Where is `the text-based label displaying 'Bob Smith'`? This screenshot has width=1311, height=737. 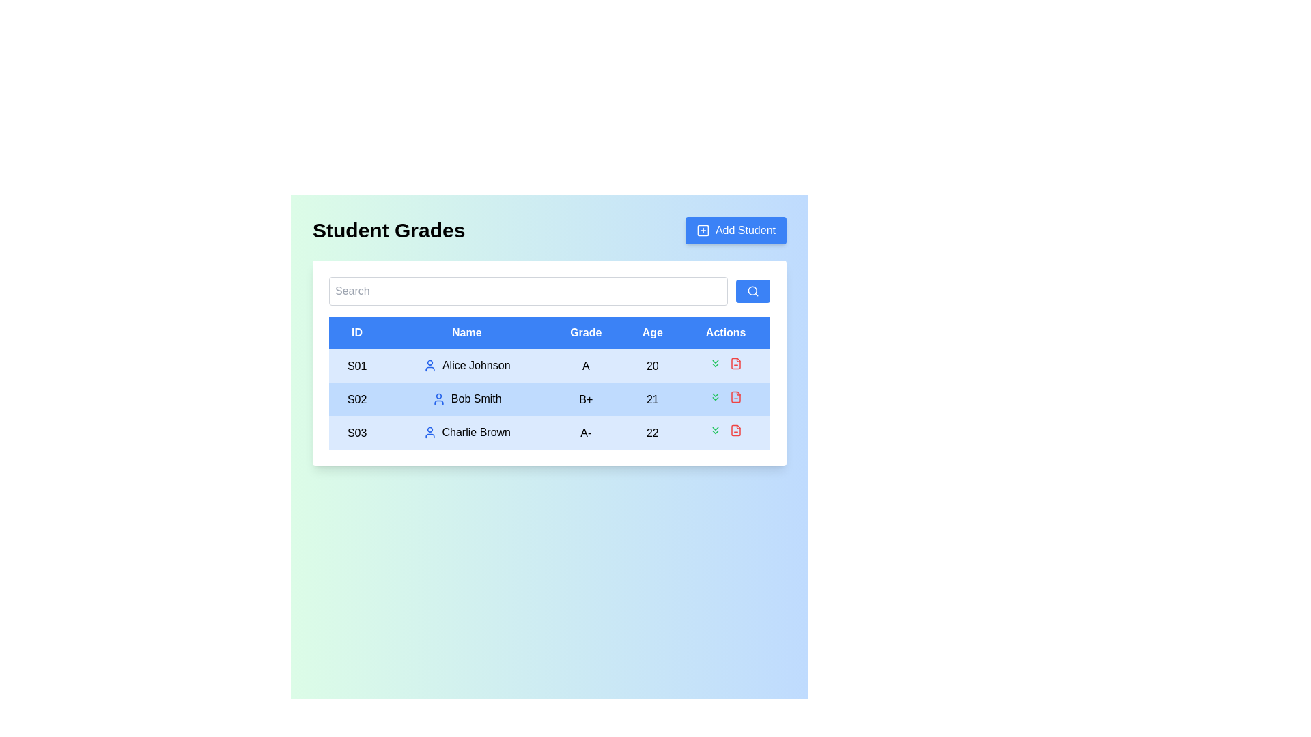 the text-based label displaying 'Bob Smith' is located at coordinates (466, 399).